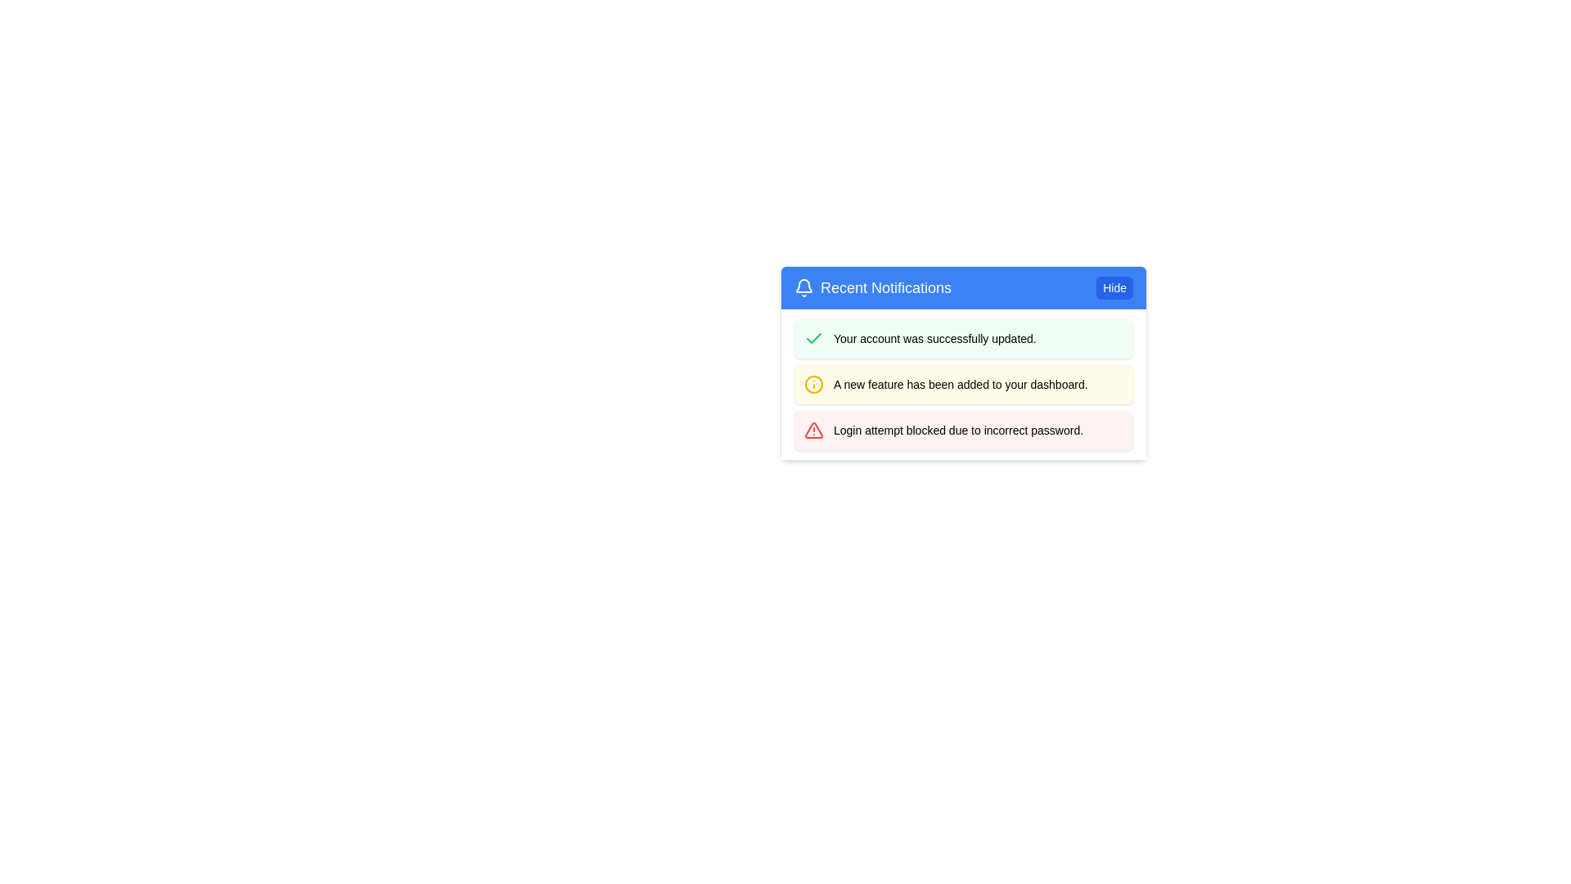  Describe the element at coordinates (958, 429) in the screenshot. I see `informational warning message indicating a blocked login attempt due to an incorrect password, located in the alert box with a light red background at the bottom of the 'Recent Notifications' list` at that location.